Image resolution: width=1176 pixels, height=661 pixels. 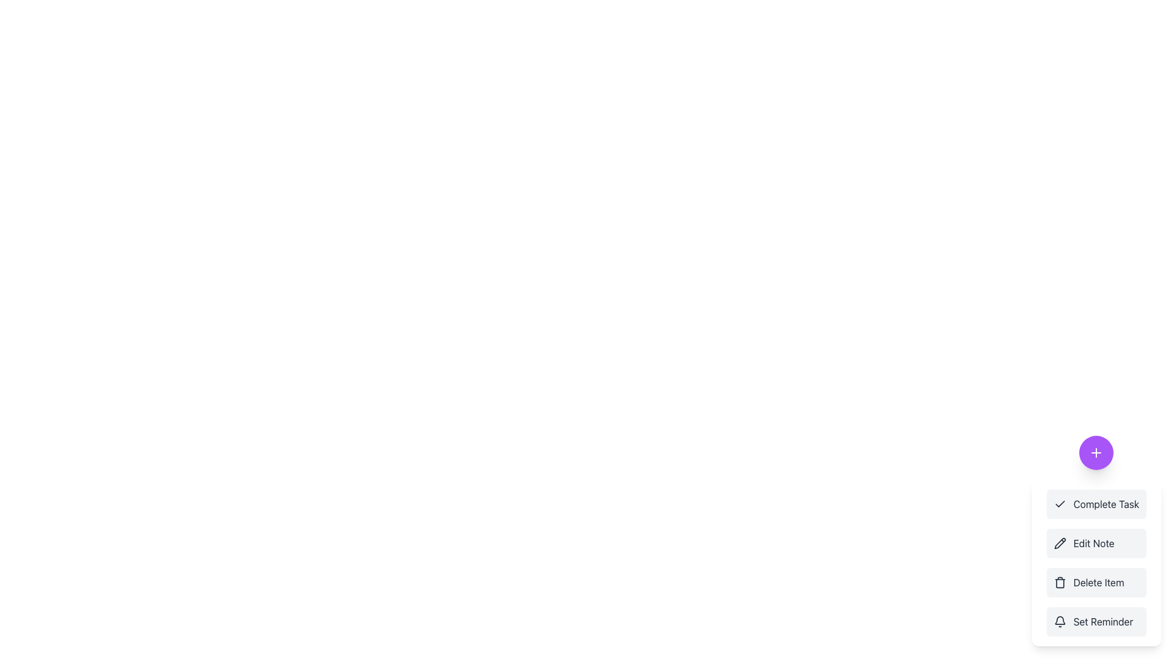 I want to click on to select the 'Complete Task' option from the topmost item in the vertical options menu located at the bottom-right corner of the interface, so click(x=1106, y=504).